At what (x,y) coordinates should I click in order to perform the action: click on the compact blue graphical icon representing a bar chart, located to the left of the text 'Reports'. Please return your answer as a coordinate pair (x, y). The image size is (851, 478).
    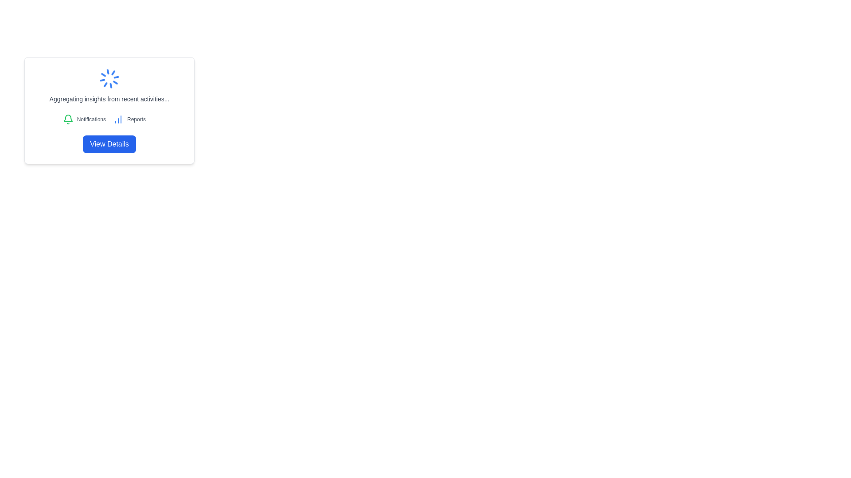
    Looking at the image, I should click on (118, 119).